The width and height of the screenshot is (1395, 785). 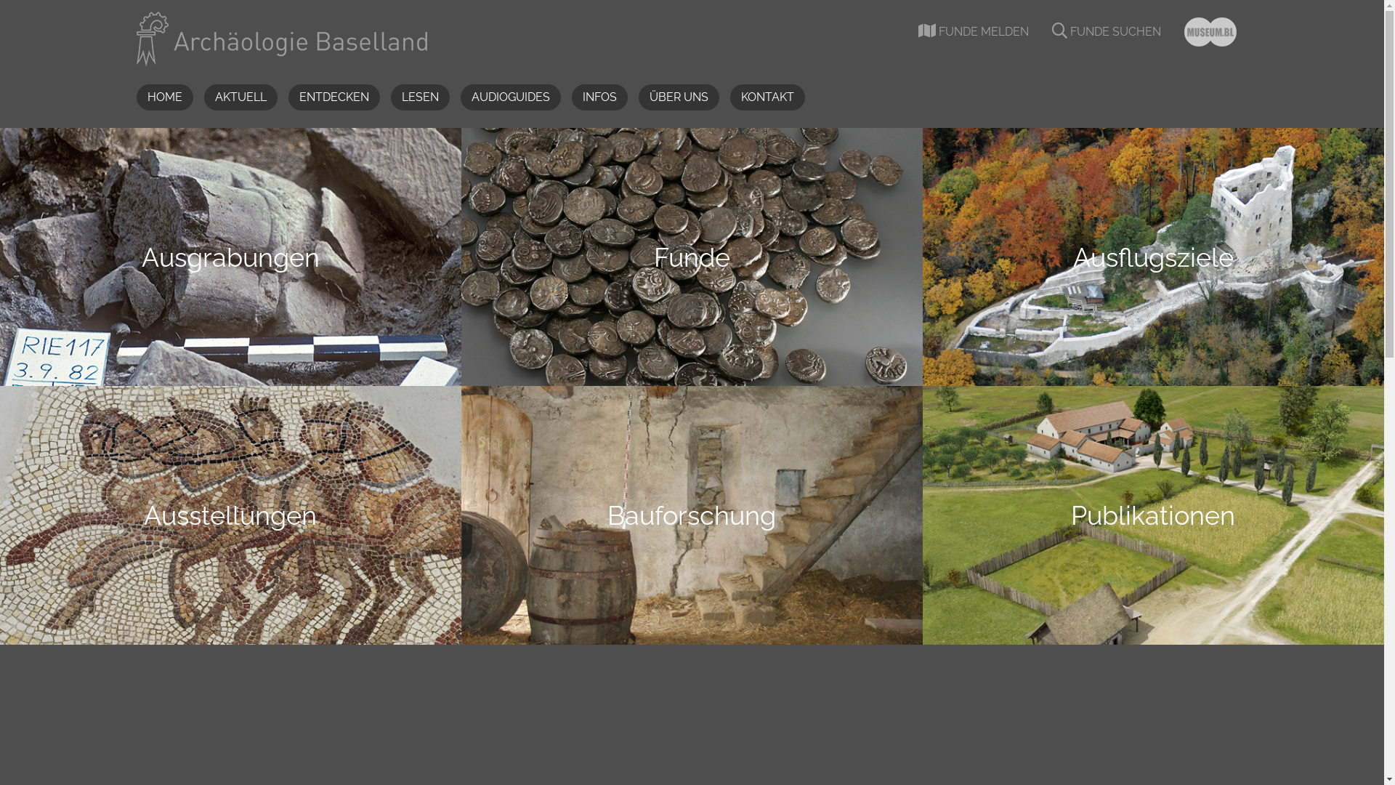 I want to click on 'AKTUELL', so click(x=240, y=97).